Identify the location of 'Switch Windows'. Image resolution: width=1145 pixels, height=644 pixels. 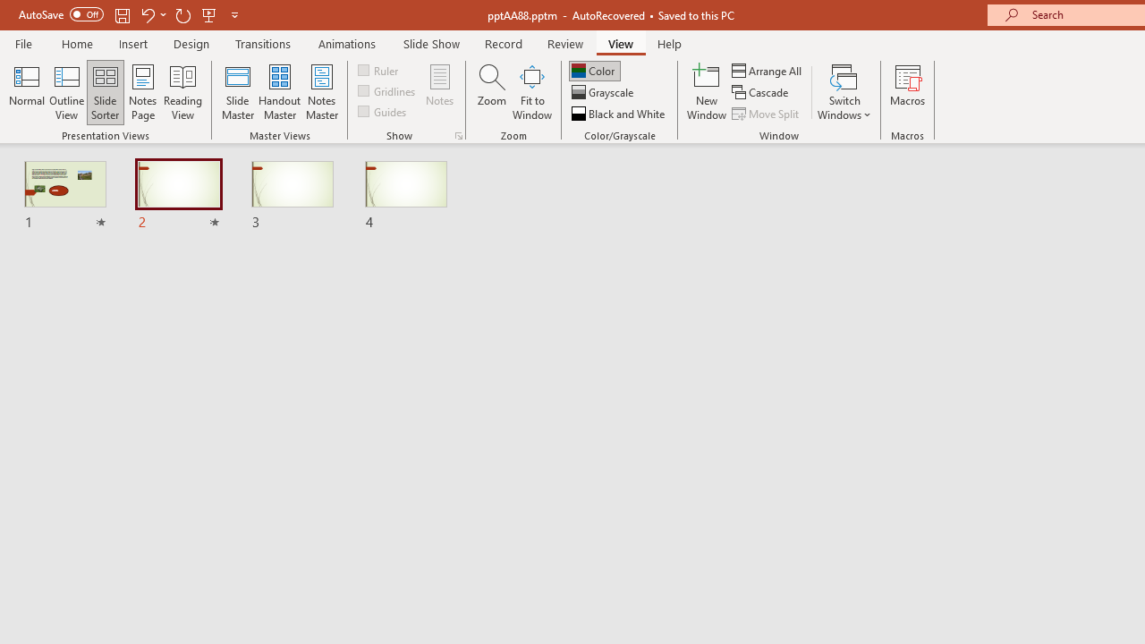
(844, 92).